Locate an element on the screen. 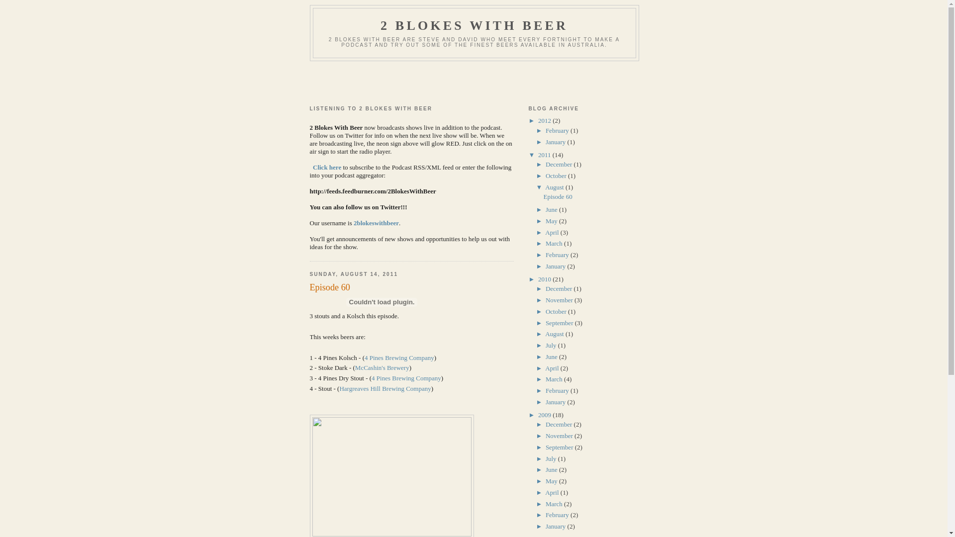 The width and height of the screenshot is (955, 537). 'McCashin's Brewery' is located at coordinates (355, 367).